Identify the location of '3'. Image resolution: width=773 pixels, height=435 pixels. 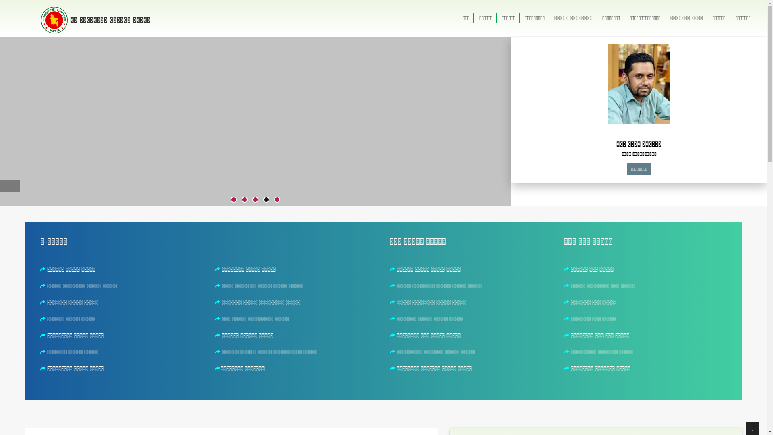
(255, 199).